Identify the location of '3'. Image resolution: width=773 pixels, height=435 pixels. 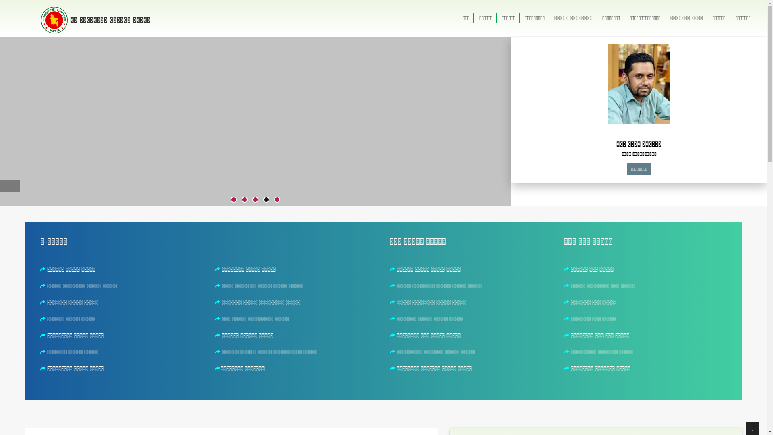
(255, 199).